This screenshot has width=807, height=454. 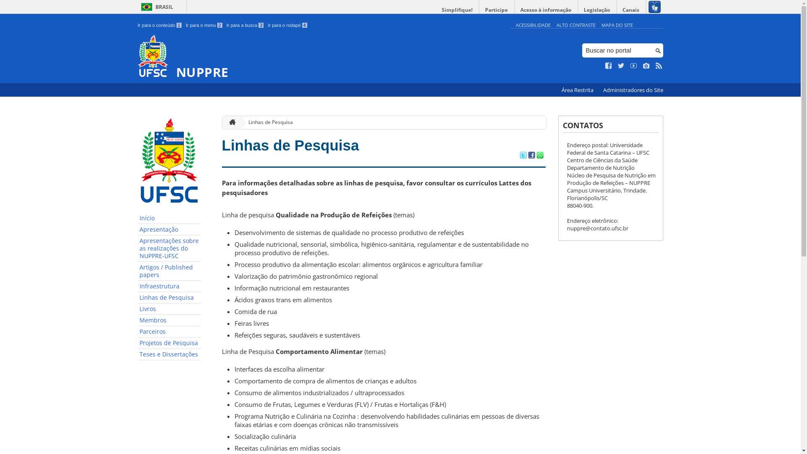 What do you see at coordinates (575, 24) in the screenshot?
I see `'ALTO CONTRASTE'` at bounding box center [575, 24].